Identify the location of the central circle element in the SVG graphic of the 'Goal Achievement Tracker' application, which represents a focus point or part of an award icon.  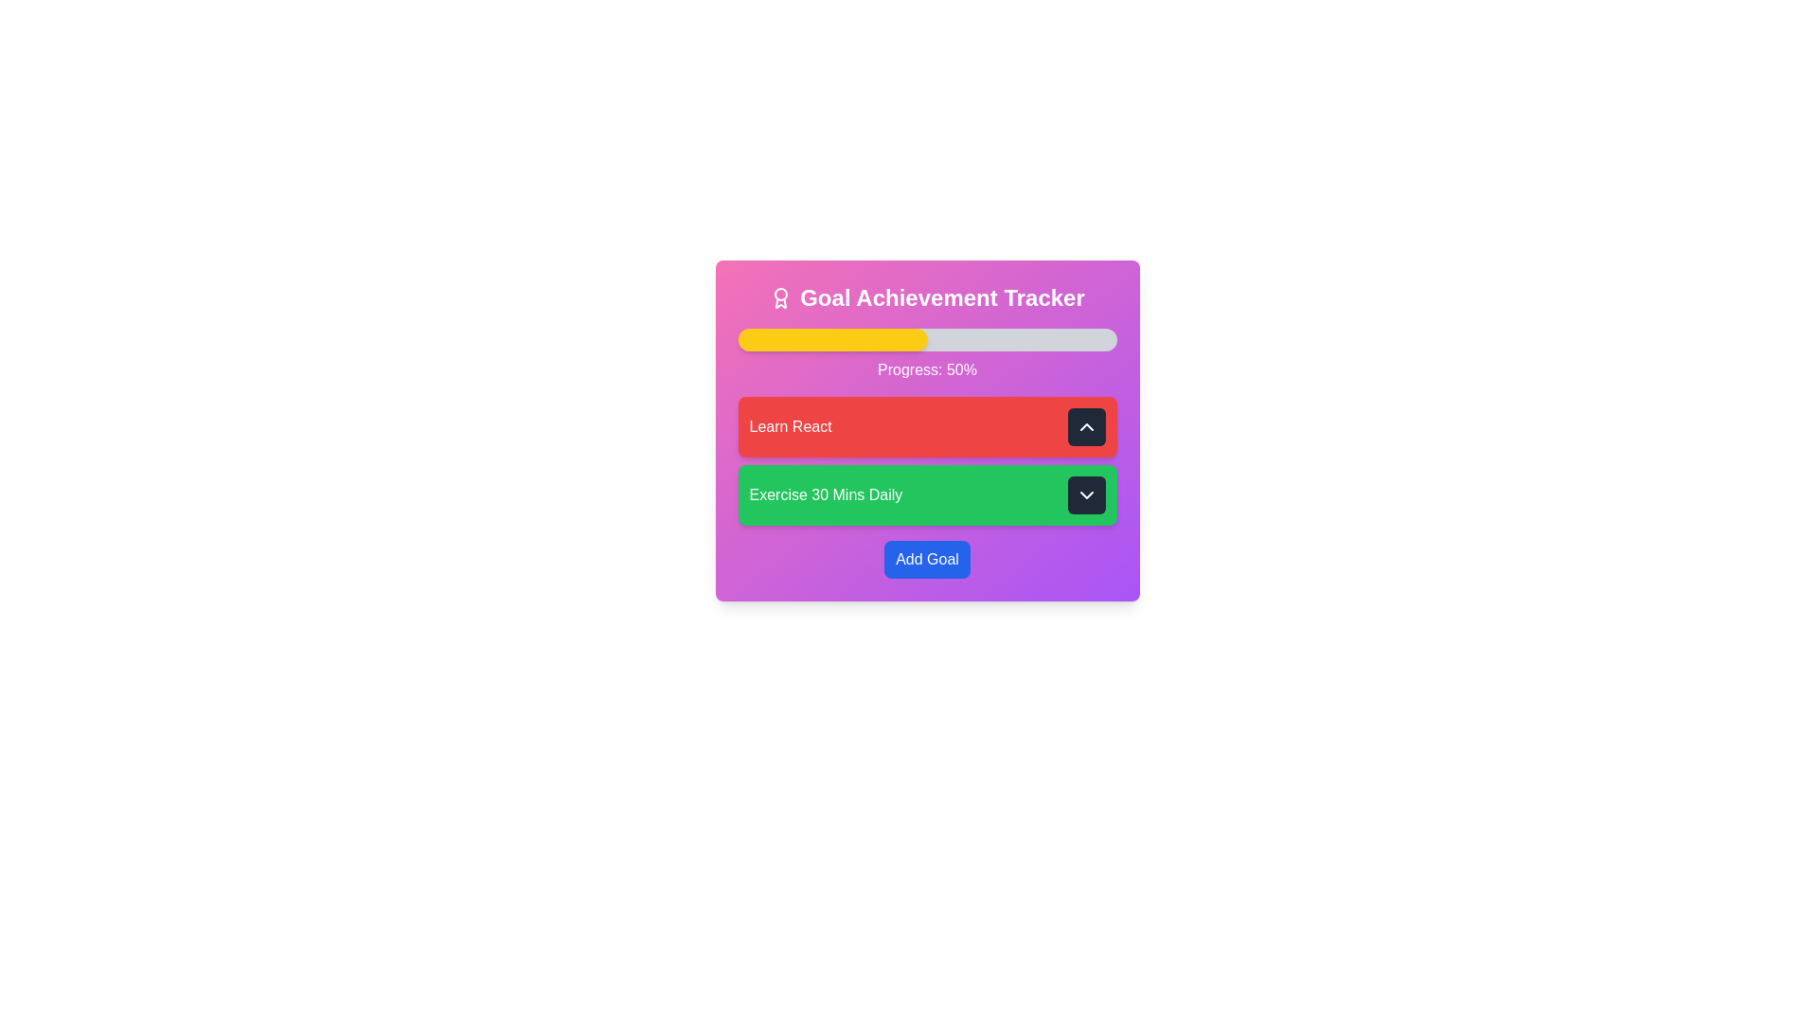
(781, 295).